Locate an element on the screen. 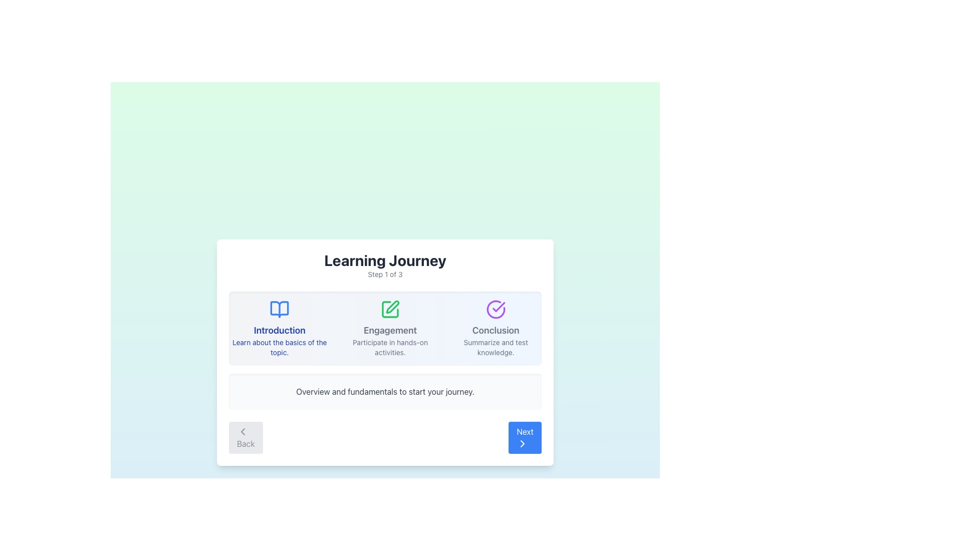 The height and width of the screenshot is (541, 962). the supplementary description text located in the 'Introduction' section, positioned below the 'Introduction' title and directly beneath the book icon is located at coordinates (280, 347).